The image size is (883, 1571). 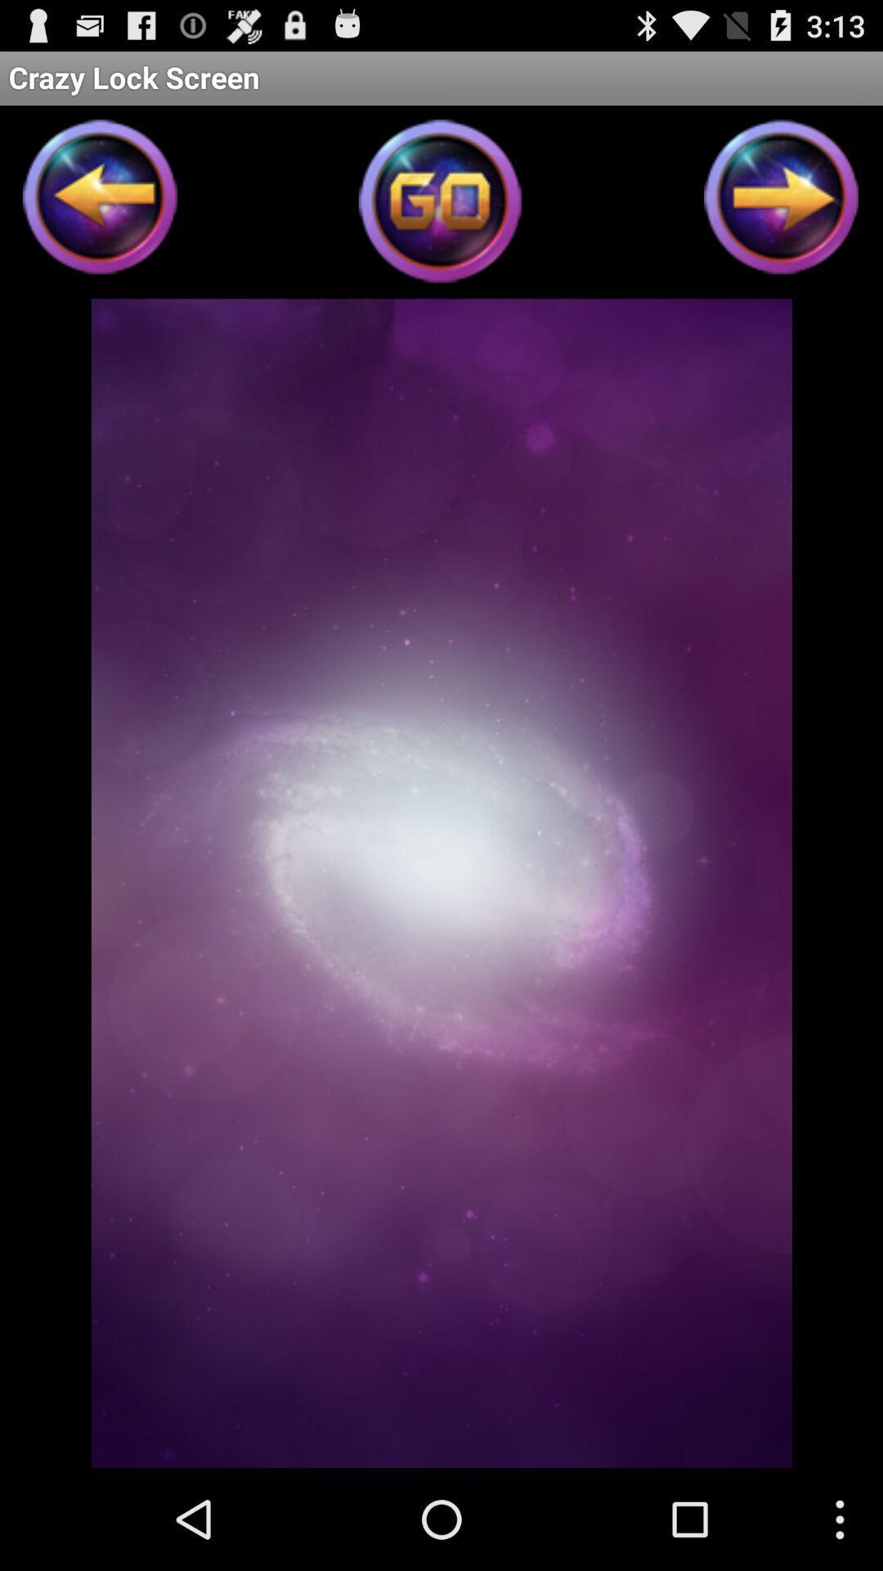 What do you see at coordinates (781, 201) in the screenshot?
I see `next` at bounding box center [781, 201].